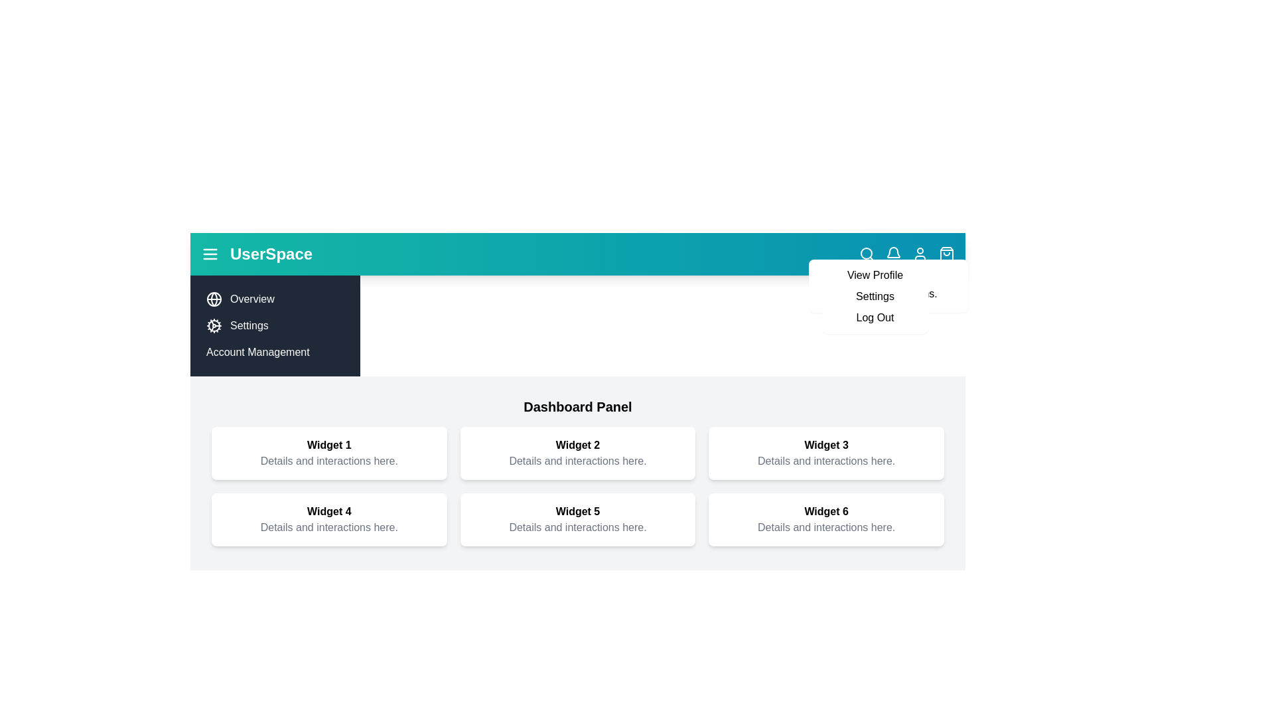 This screenshot has width=1274, height=717. What do you see at coordinates (328, 519) in the screenshot?
I see `the details in the informational card representing 'Widget 4' located in the second row, first column of the Dashboard Panel` at bounding box center [328, 519].